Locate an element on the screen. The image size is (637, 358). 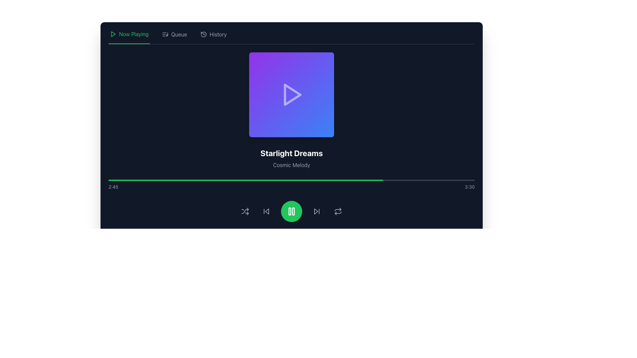
the navigation menu item for 'Queue' is located at coordinates (174, 37).